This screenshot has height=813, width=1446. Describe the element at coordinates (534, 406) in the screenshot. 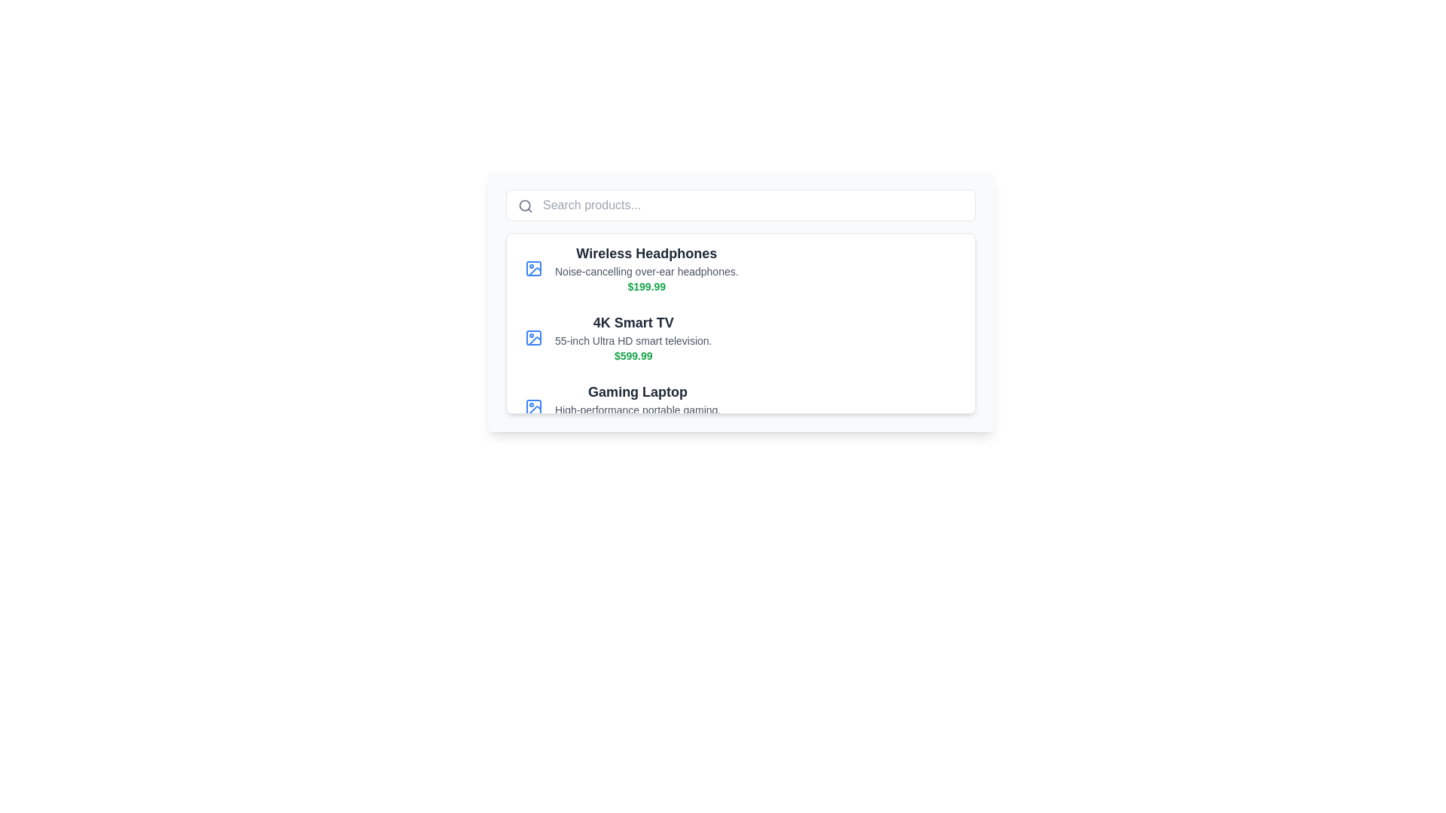

I see `the first icon on the left that represents the 'Gaming Laptop' product` at that location.